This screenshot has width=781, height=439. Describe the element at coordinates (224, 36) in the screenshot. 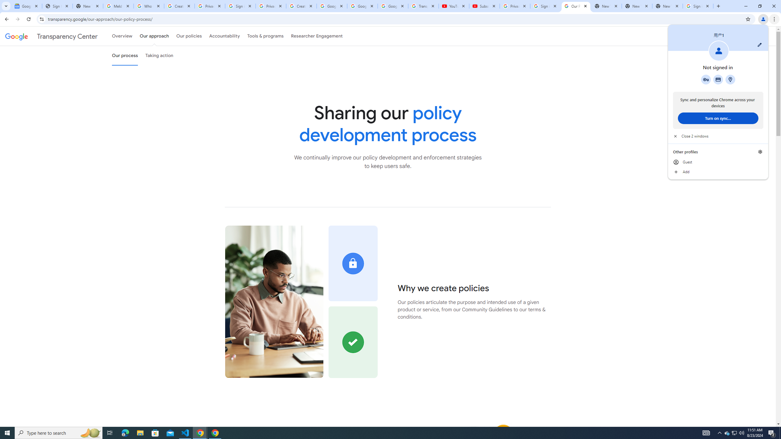

I see `'Accountability'` at that location.